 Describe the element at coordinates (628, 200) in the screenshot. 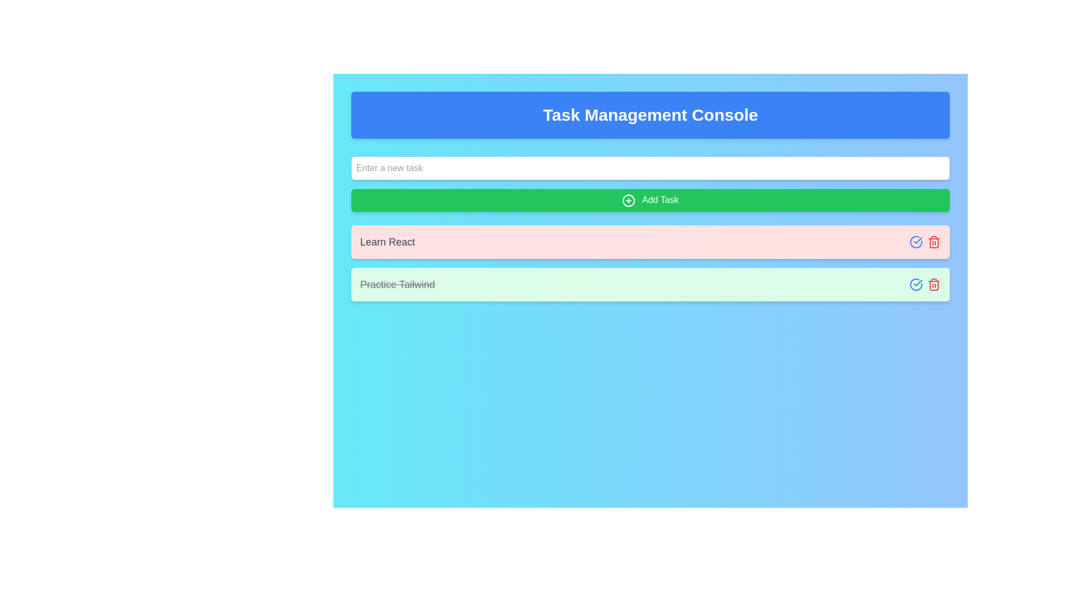

I see `the 'Add Task' icon located on the left side of the button's text to create a new task` at that location.